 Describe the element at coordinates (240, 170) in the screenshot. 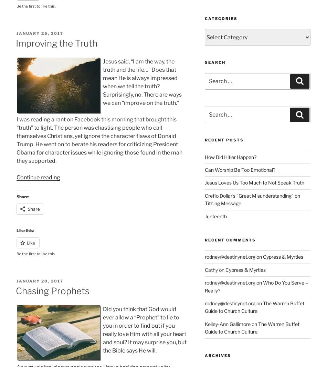

I see `'Can Worship Be Too Emotional?'` at that location.